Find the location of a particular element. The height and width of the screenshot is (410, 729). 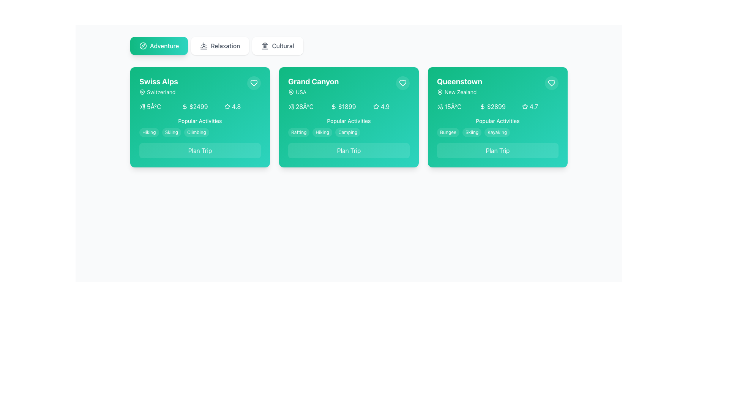

text label indicating the name of the place 'Swiss Alps' and its country 'Switzerland', located in the top-left of the first card is located at coordinates (158, 86).